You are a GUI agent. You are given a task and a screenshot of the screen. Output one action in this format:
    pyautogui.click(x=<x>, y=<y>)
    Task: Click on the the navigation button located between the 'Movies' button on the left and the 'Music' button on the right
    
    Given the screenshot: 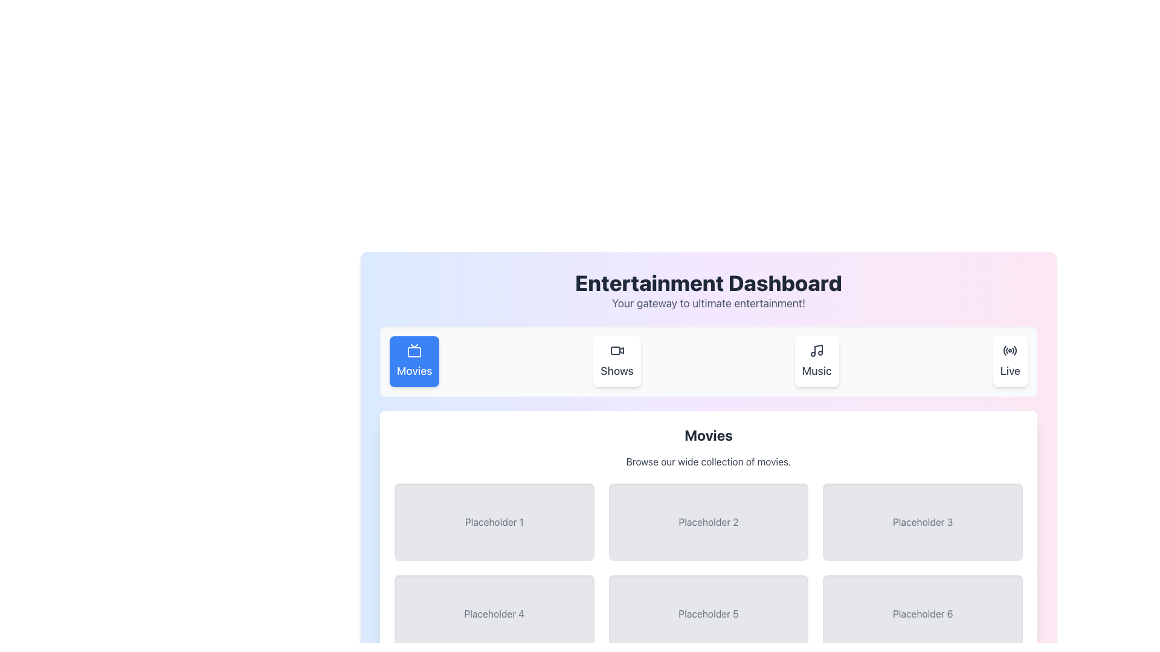 What is the action you would take?
    pyautogui.click(x=617, y=360)
    